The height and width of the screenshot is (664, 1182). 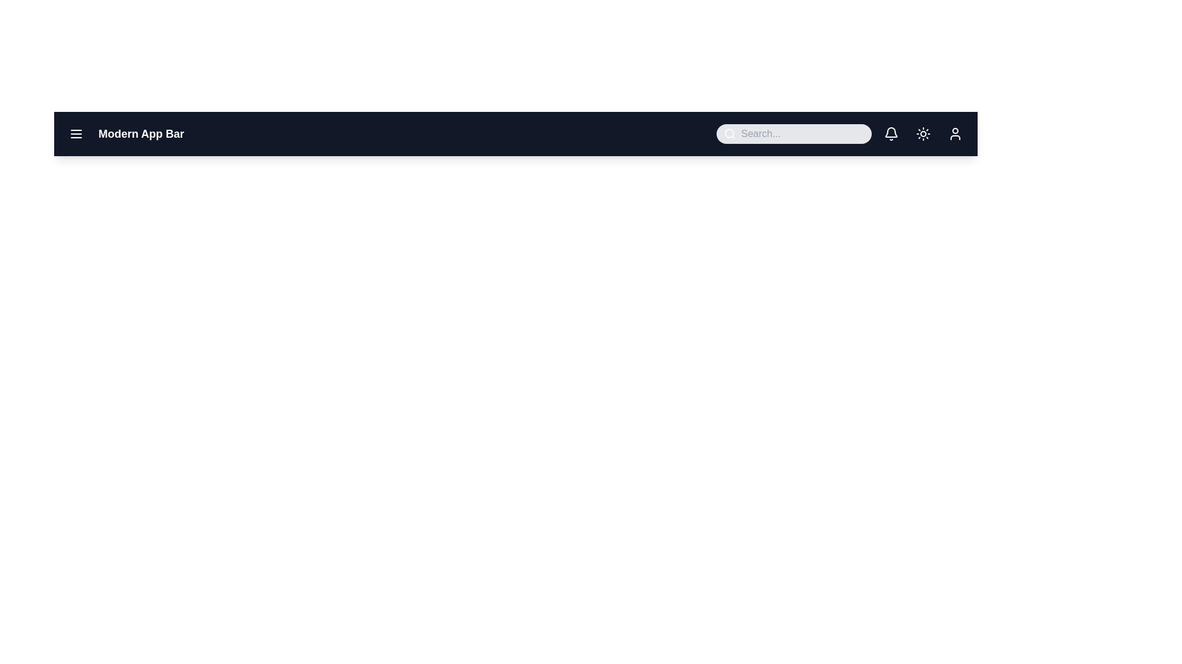 What do you see at coordinates (954, 134) in the screenshot?
I see `user profile button located on the rightmost side of the app bar` at bounding box center [954, 134].